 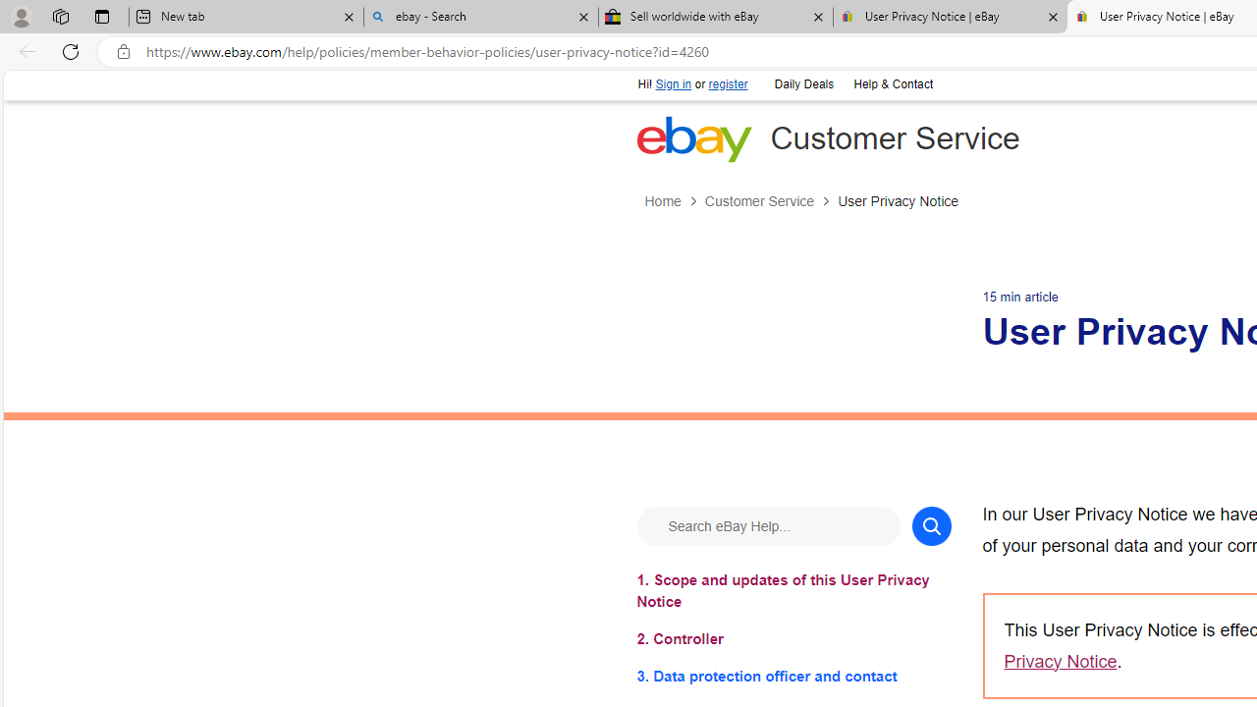 What do you see at coordinates (693, 137) in the screenshot?
I see `'eBay Home'` at bounding box center [693, 137].